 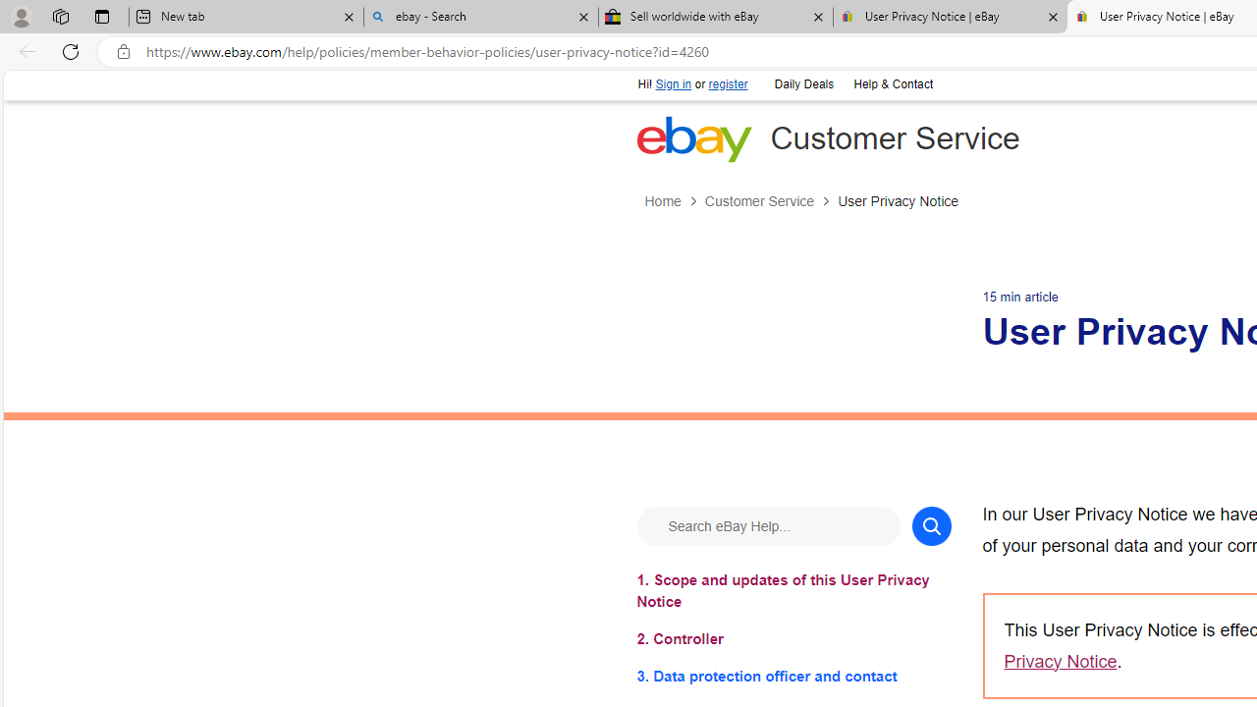 What do you see at coordinates (693, 137) in the screenshot?
I see `'eBay Home'` at bounding box center [693, 137].